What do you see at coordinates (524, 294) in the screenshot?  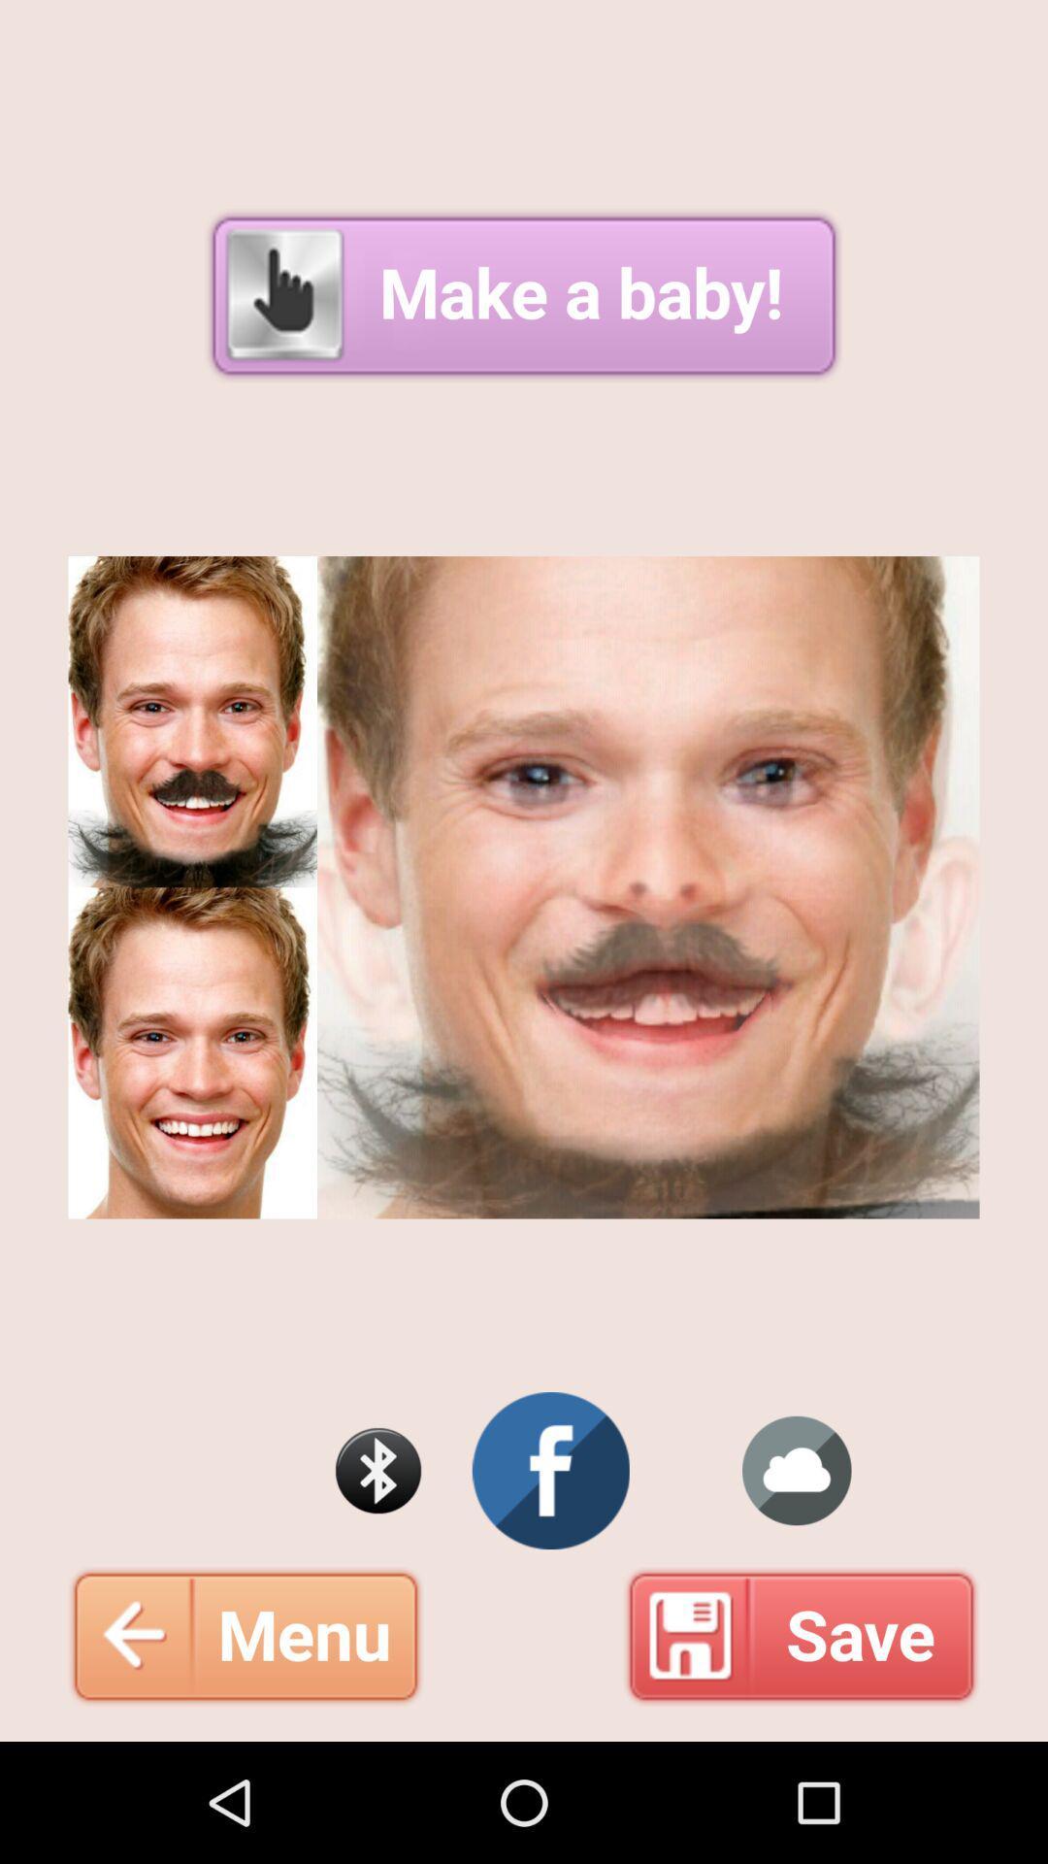 I see `make a baby! item` at bounding box center [524, 294].